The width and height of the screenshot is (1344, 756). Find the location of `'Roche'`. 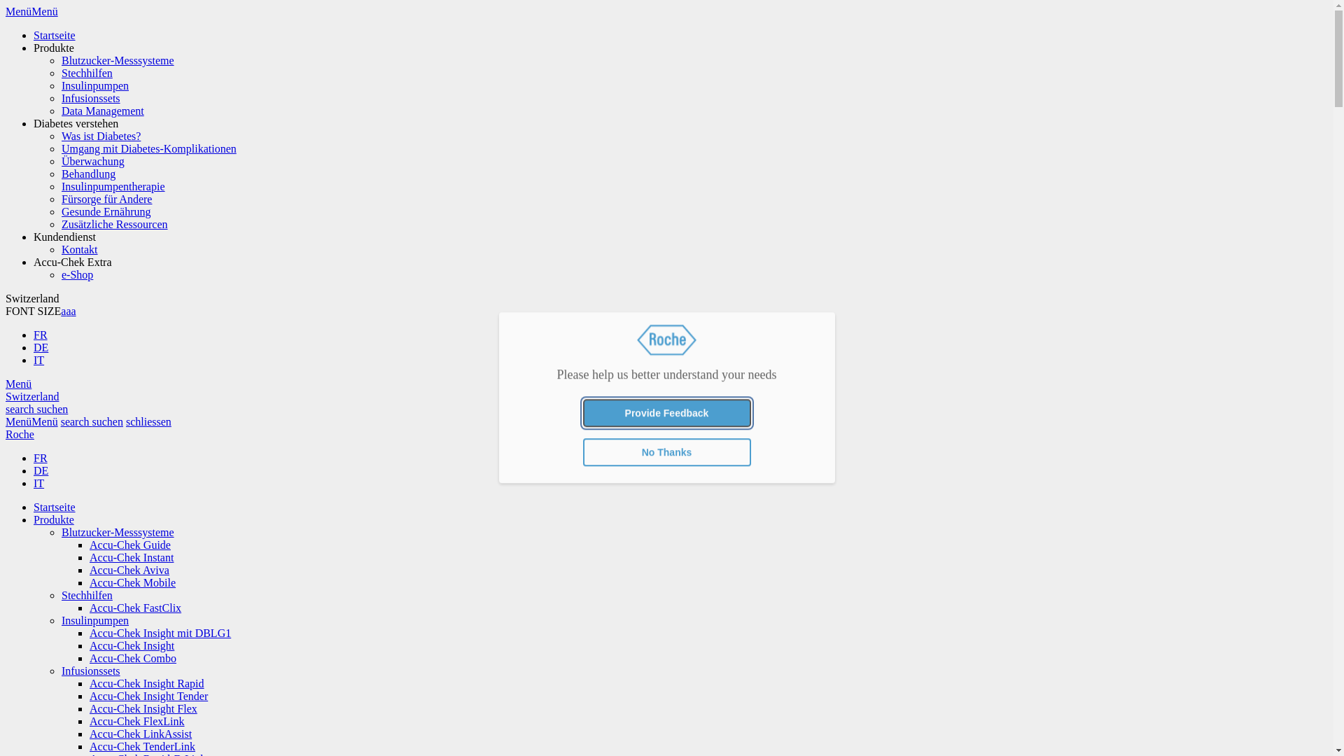

'Roche' is located at coordinates (20, 433).